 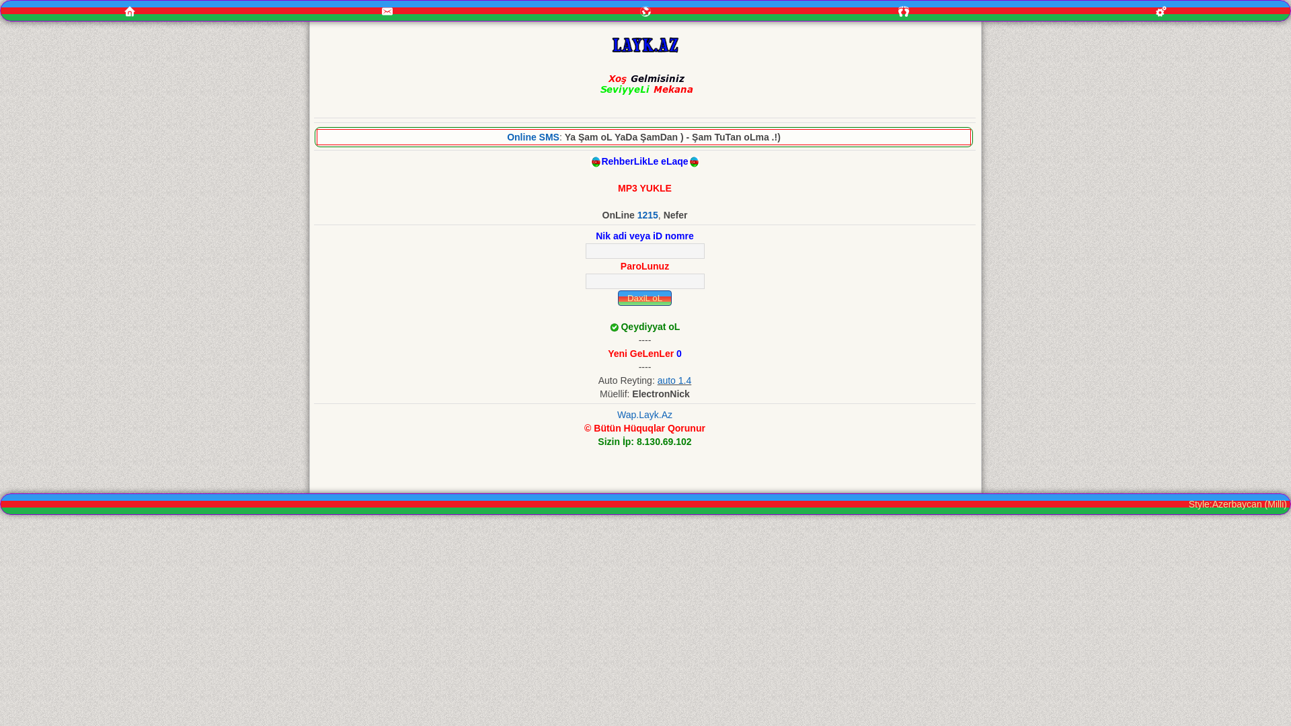 I want to click on 'Qonaqlar', so click(x=904, y=10).